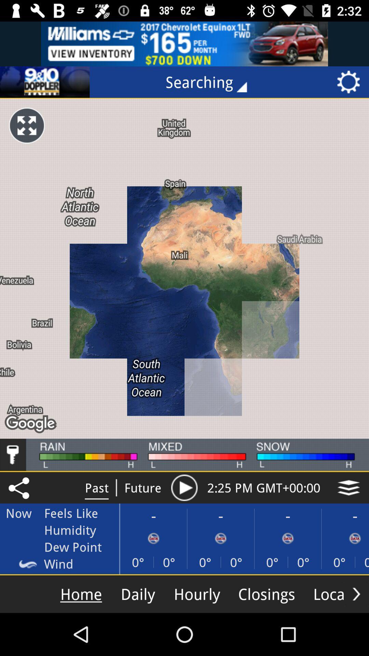  I want to click on the arrow_forward icon, so click(356, 593).